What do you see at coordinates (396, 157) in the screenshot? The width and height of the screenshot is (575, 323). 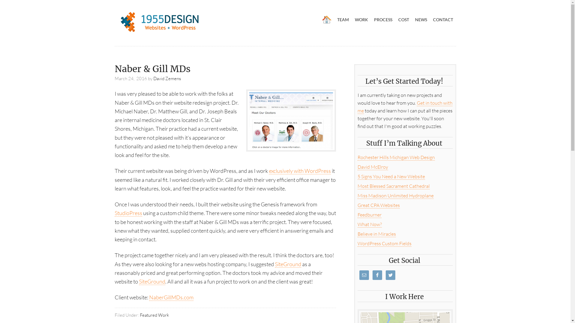 I see `'Rochester Hills Michigan Web Design'` at bounding box center [396, 157].